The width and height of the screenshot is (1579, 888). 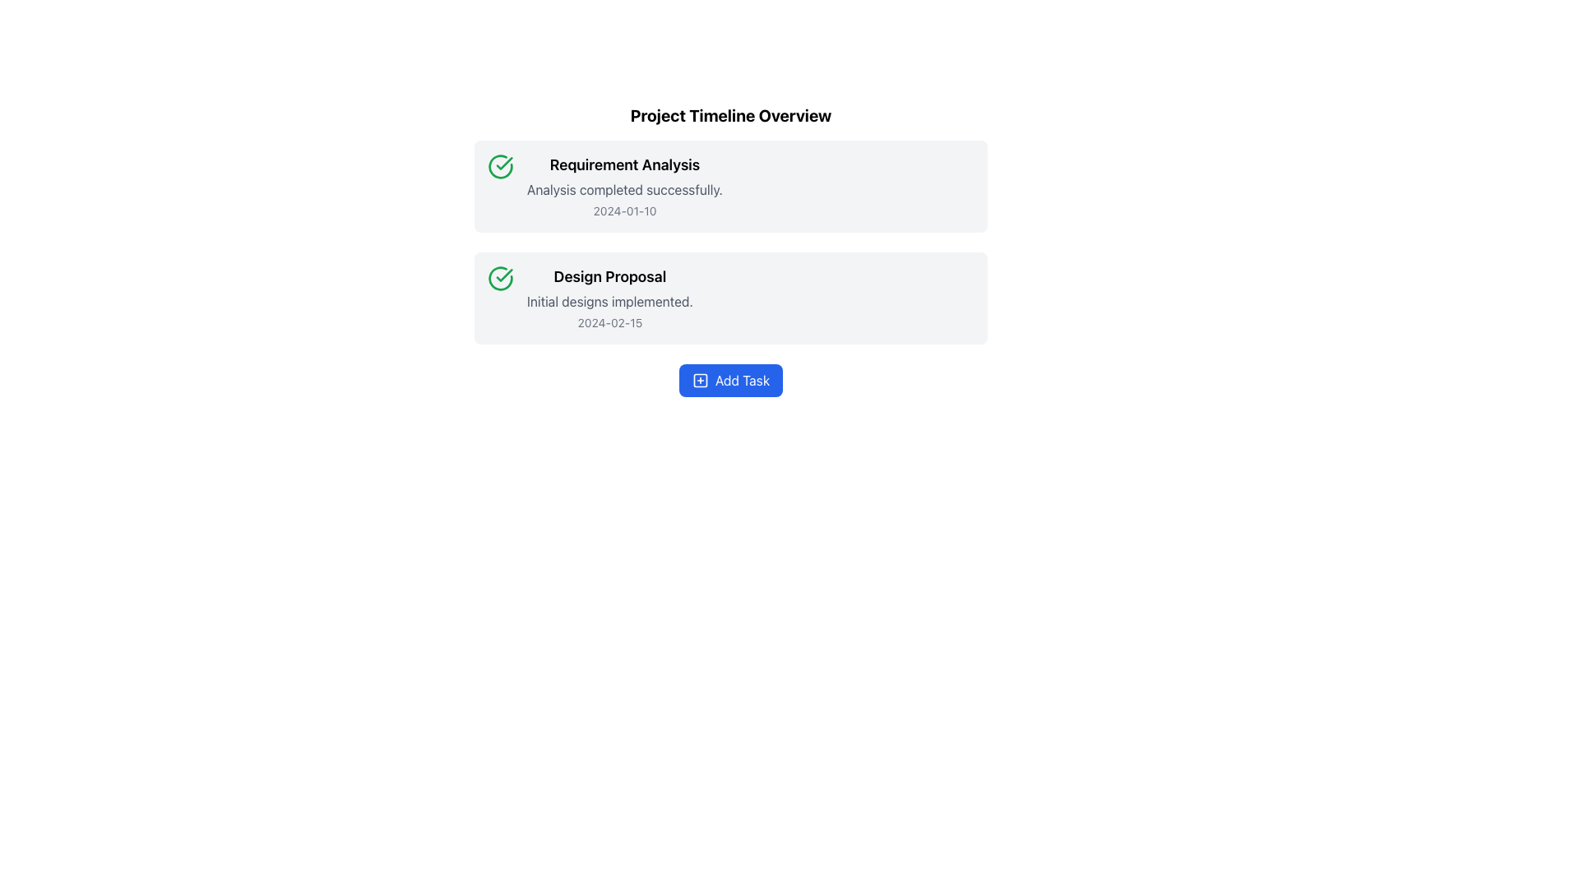 I want to click on the status representation of the checkmark icon with a green outline located next to the 'Design Proposal' text in the list of items, so click(x=503, y=275).